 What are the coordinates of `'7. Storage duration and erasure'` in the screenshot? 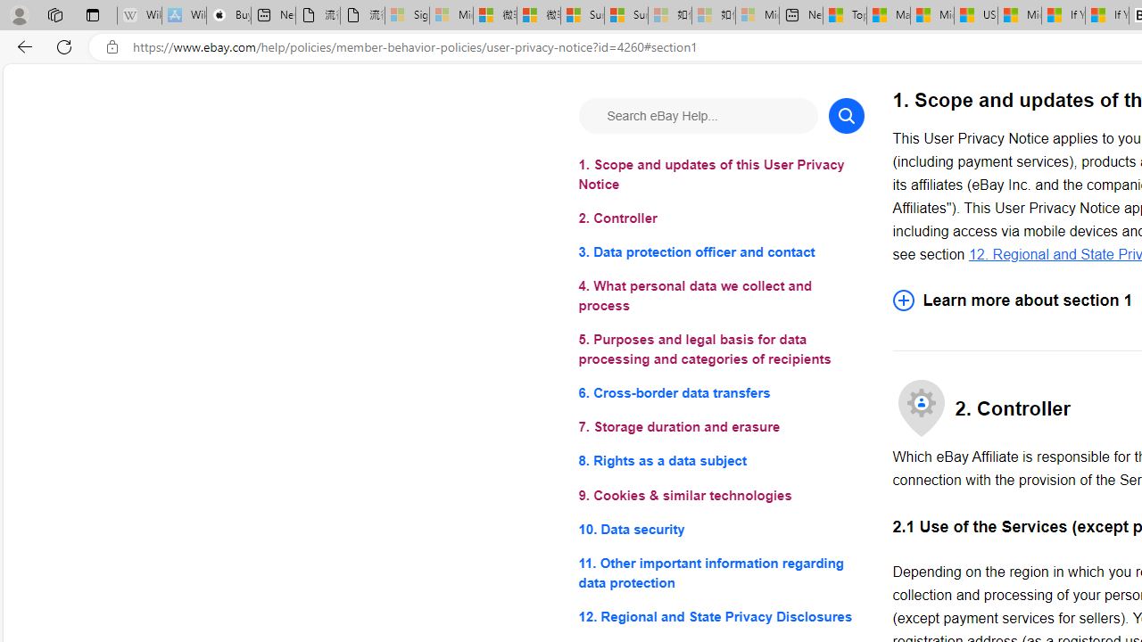 It's located at (721, 427).